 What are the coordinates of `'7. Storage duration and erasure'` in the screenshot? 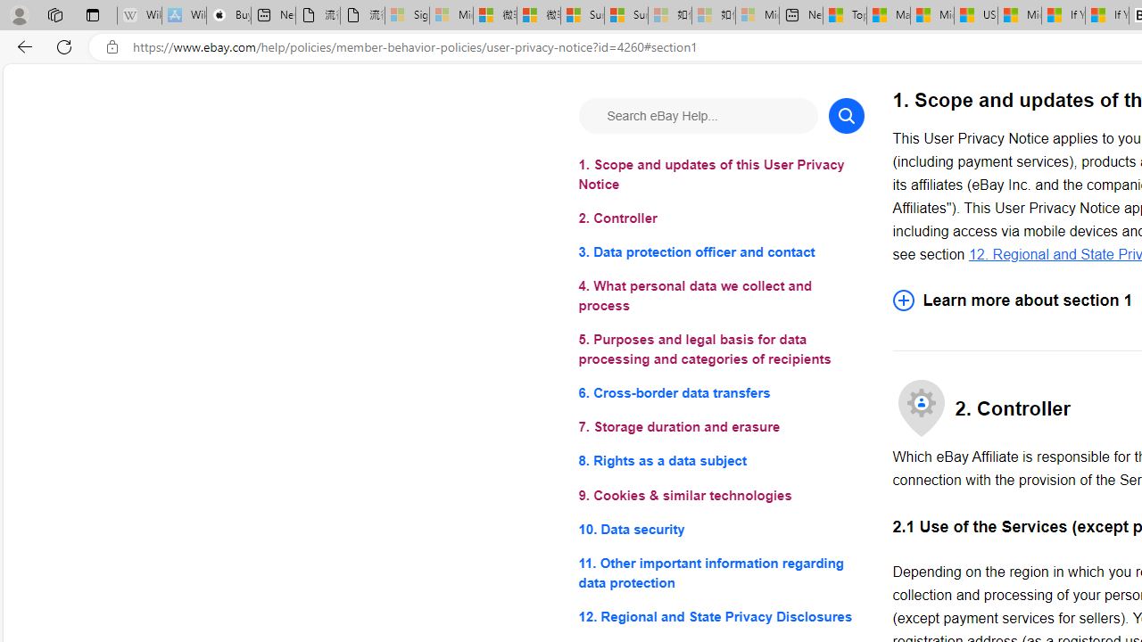 It's located at (721, 427).